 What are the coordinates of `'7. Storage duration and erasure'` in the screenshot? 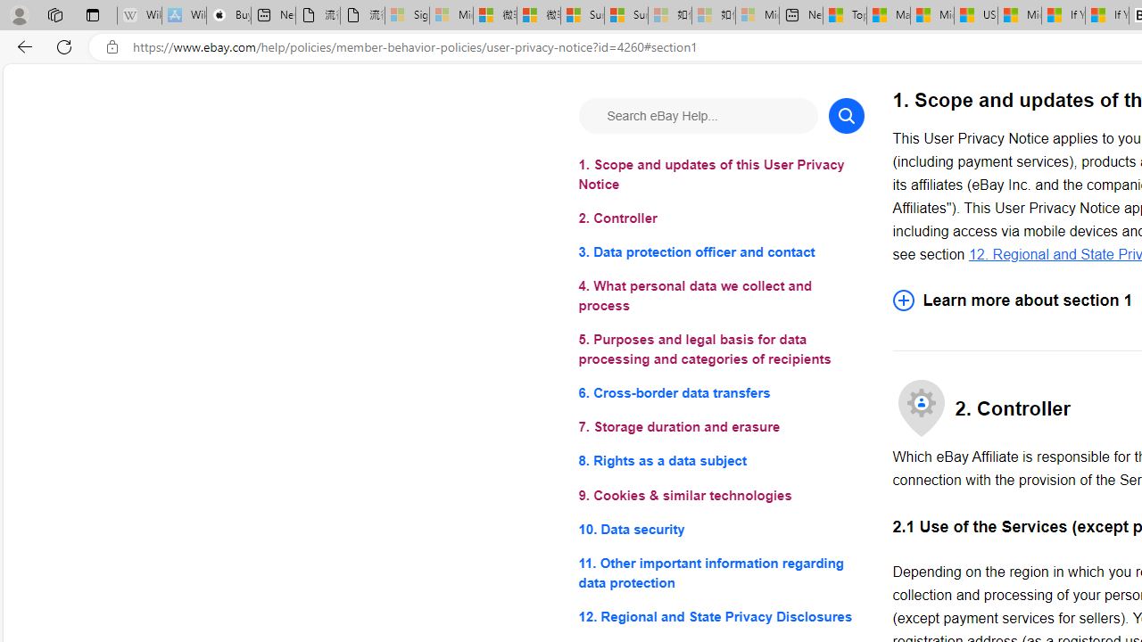 It's located at (721, 427).